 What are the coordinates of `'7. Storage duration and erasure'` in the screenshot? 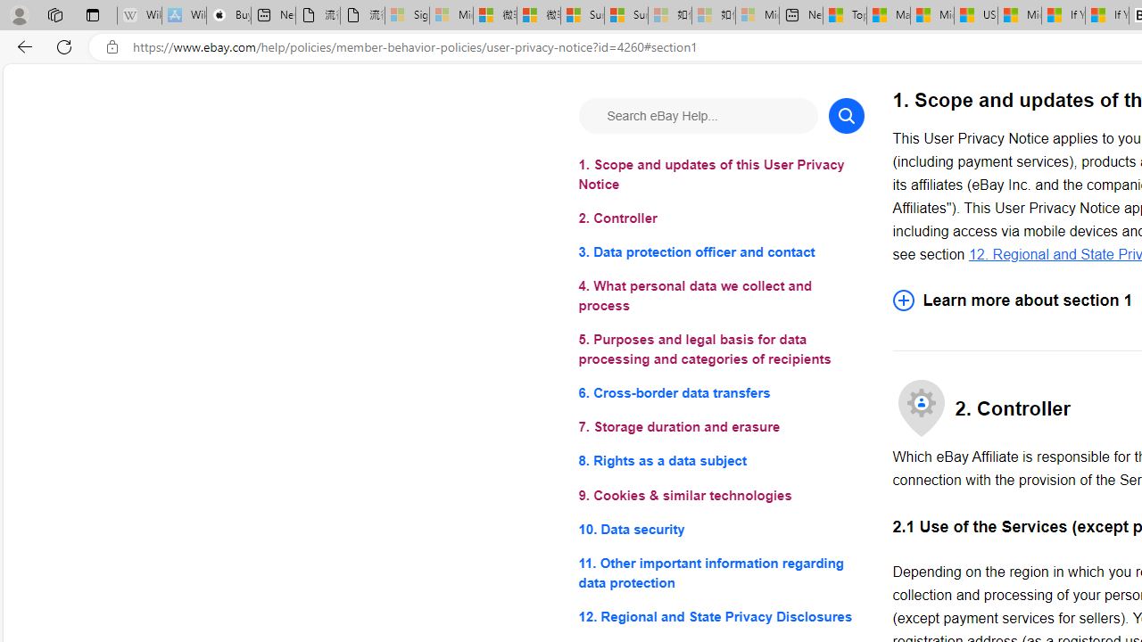 It's located at (721, 427).